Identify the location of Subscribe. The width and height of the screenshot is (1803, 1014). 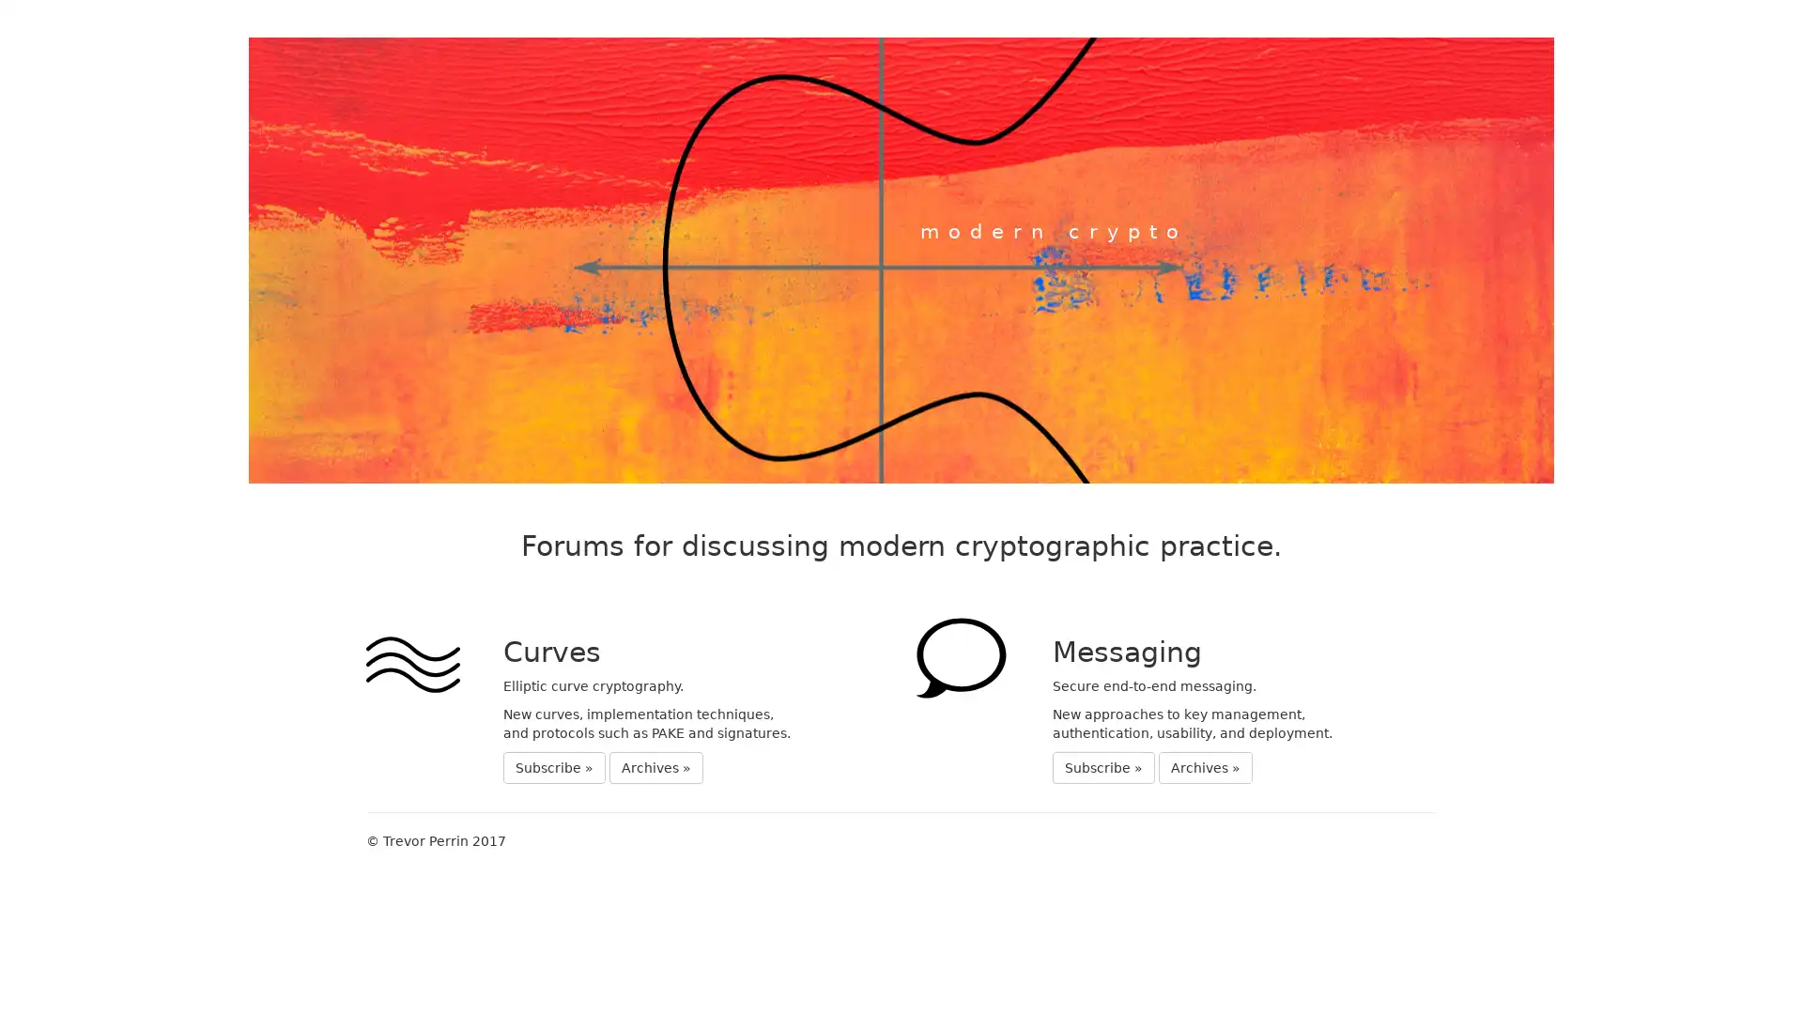
(553, 767).